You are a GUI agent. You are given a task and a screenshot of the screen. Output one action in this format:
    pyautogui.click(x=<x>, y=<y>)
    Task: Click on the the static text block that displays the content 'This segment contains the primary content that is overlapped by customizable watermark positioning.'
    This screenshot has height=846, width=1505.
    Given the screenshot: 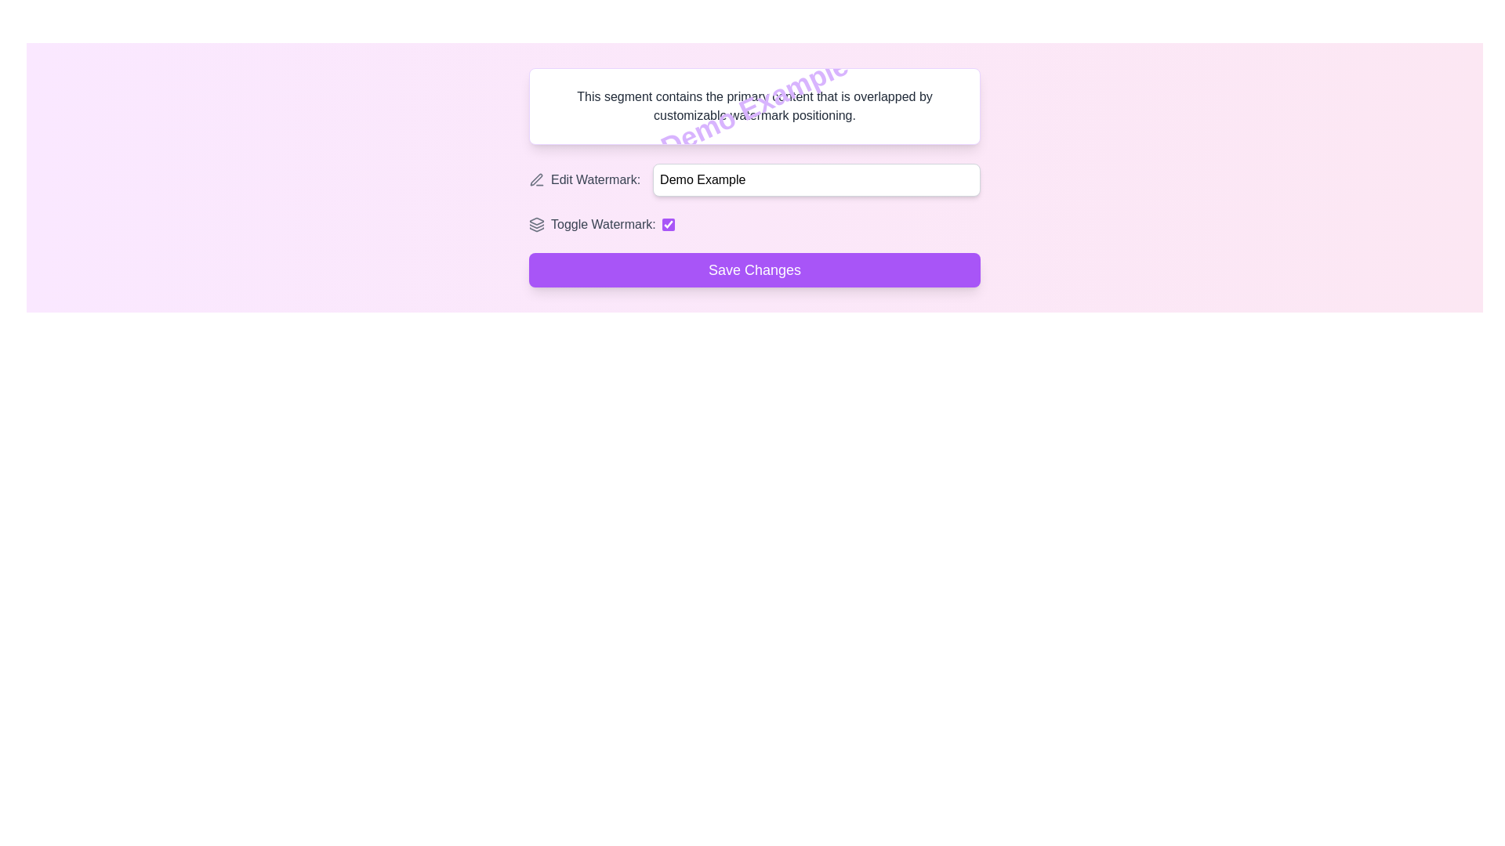 What is the action you would take?
    pyautogui.click(x=755, y=106)
    